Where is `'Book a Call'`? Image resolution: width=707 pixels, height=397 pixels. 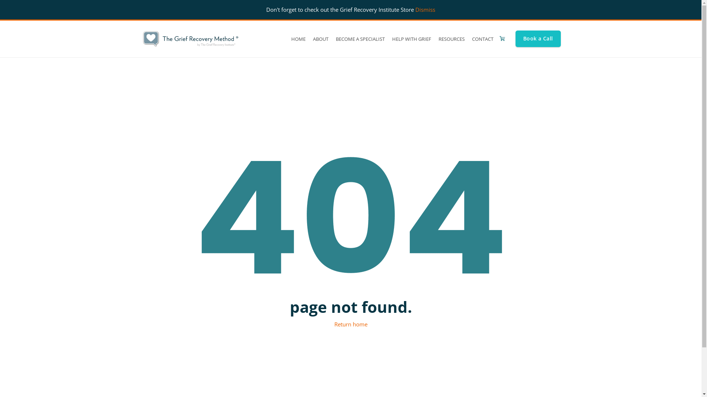 'Book a Call' is located at coordinates (538, 39).